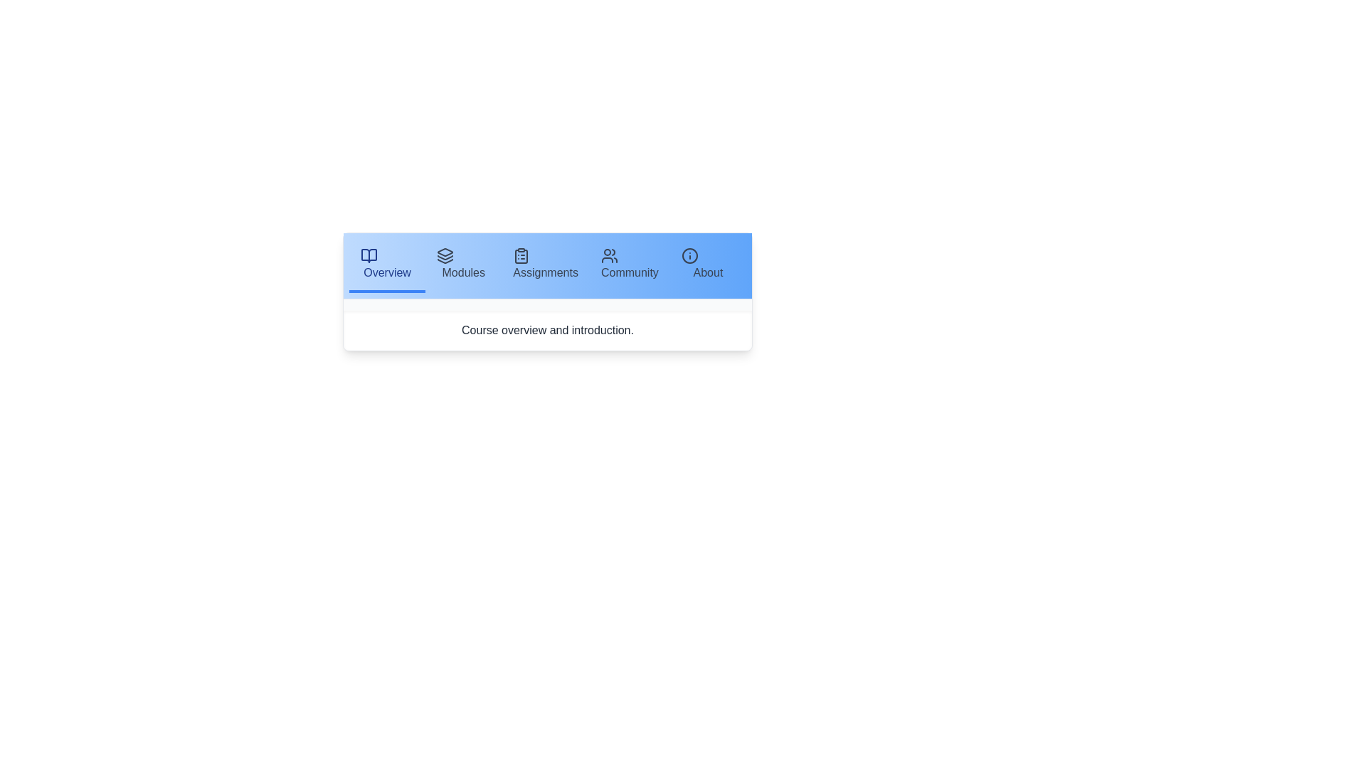 The height and width of the screenshot is (768, 1366). Describe the element at coordinates (689, 255) in the screenshot. I see `the central circular graphical SVG element in the navigation bar, which represents the 'About' section indicator` at that location.